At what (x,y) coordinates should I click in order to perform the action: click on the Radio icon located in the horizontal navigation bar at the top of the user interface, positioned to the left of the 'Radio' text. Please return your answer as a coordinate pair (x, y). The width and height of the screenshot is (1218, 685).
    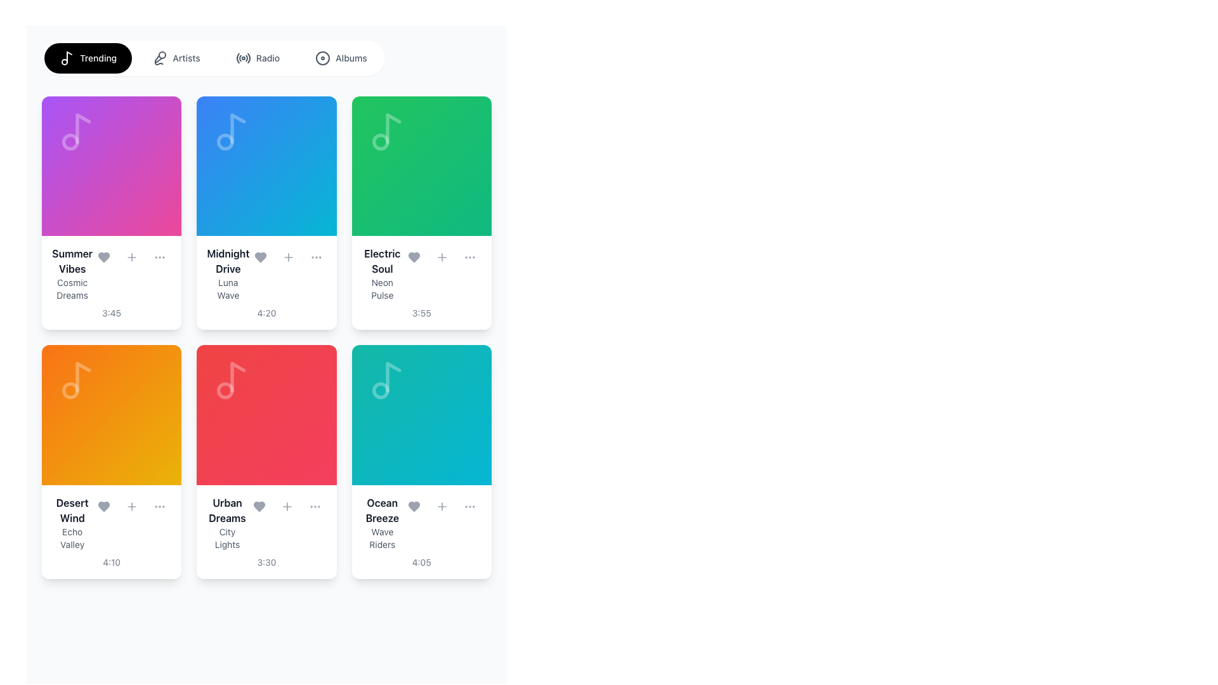
    Looking at the image, I should click on (243, 58).